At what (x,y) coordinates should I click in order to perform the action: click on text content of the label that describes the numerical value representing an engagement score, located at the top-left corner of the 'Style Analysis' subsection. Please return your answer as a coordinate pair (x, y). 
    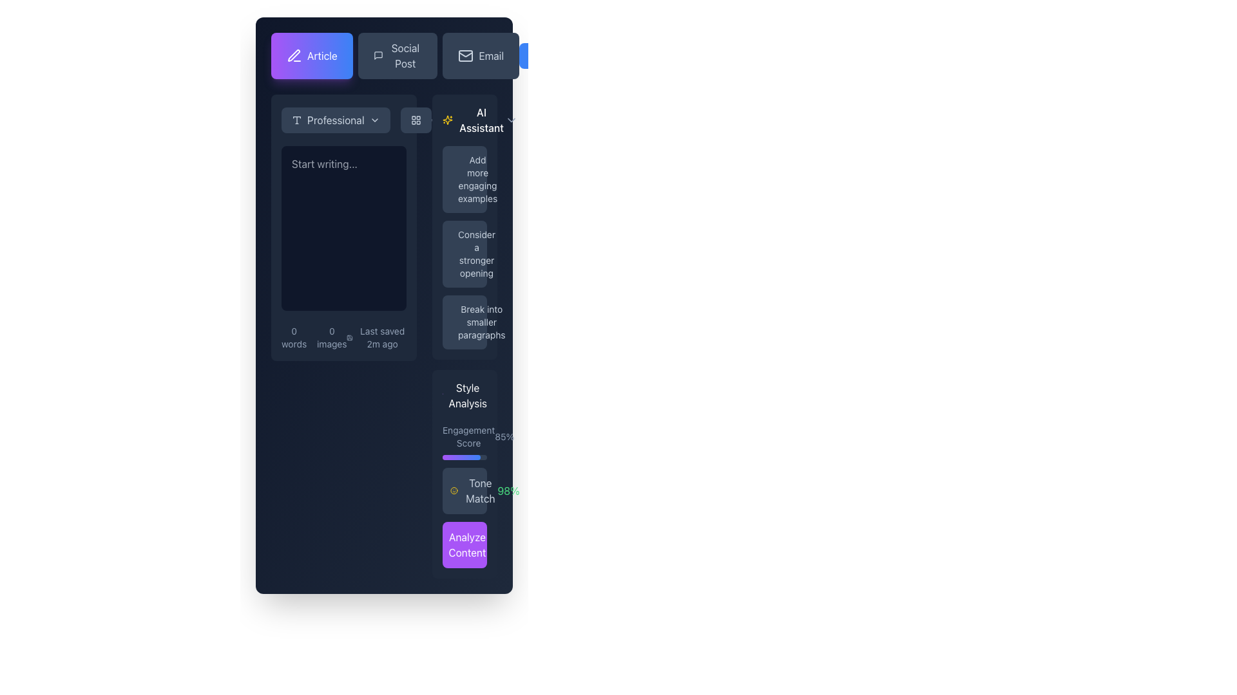
    Looking at the image, I should click on (468, 436).